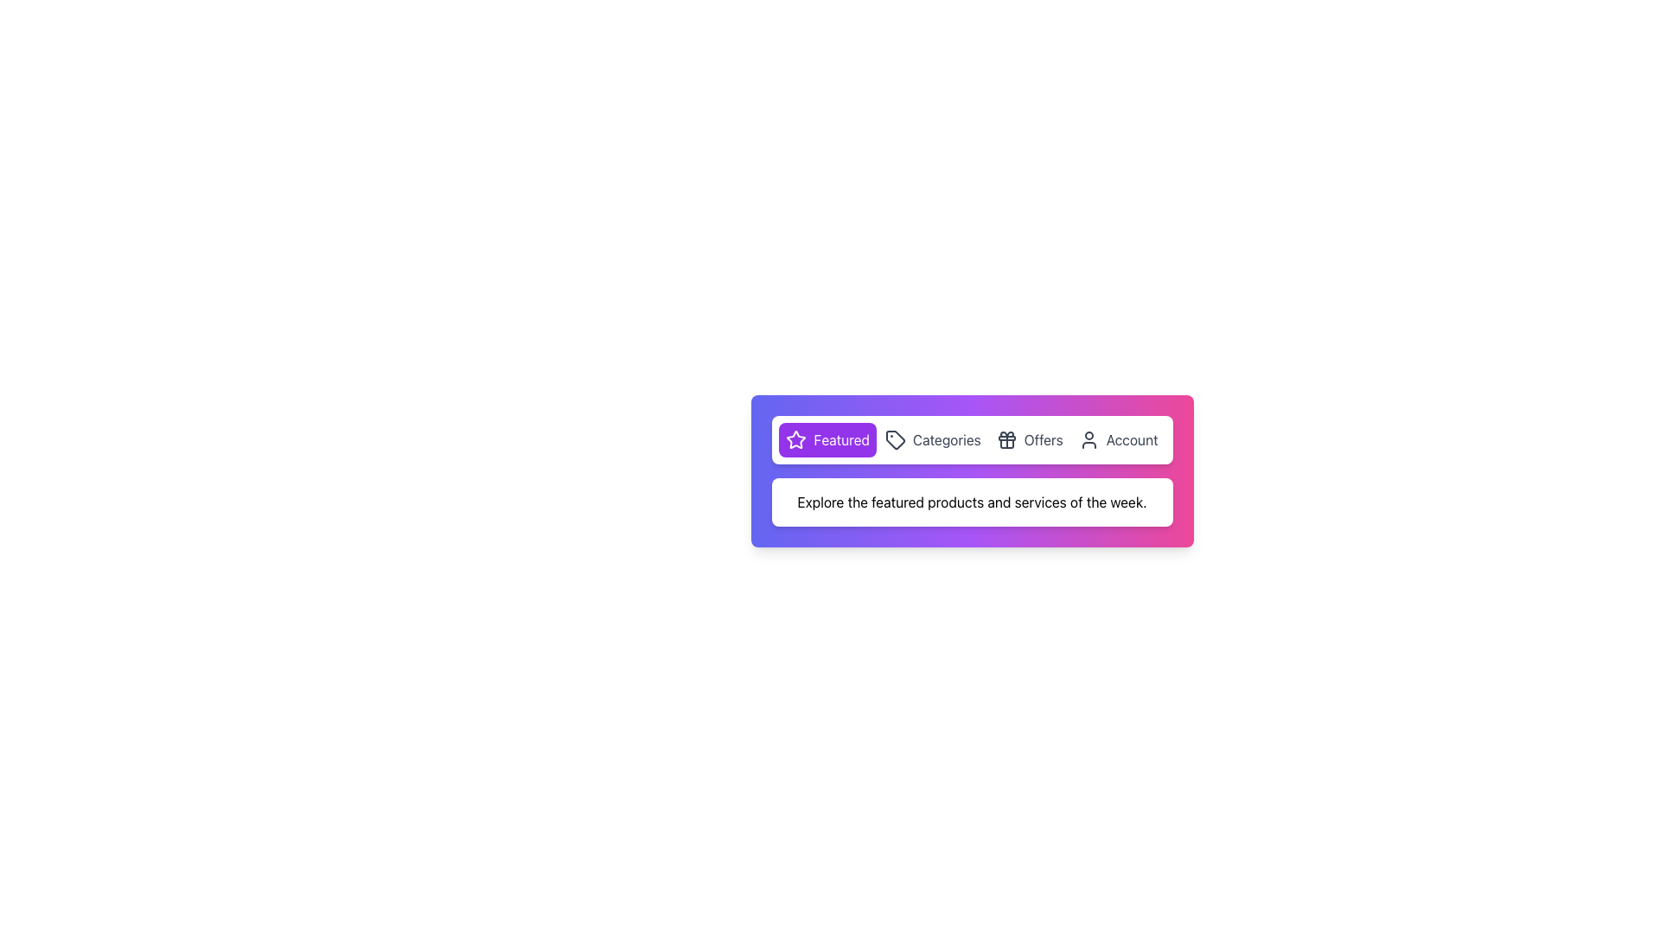  What do you see at coordinates (972, 439) in the screenshot?
I see `the navigation menu options in the horizontal navigation bar featuring 'Featured', 'Categories', 'Offers', and 'Account' for visual feedback` at bounding box center [972, 439].